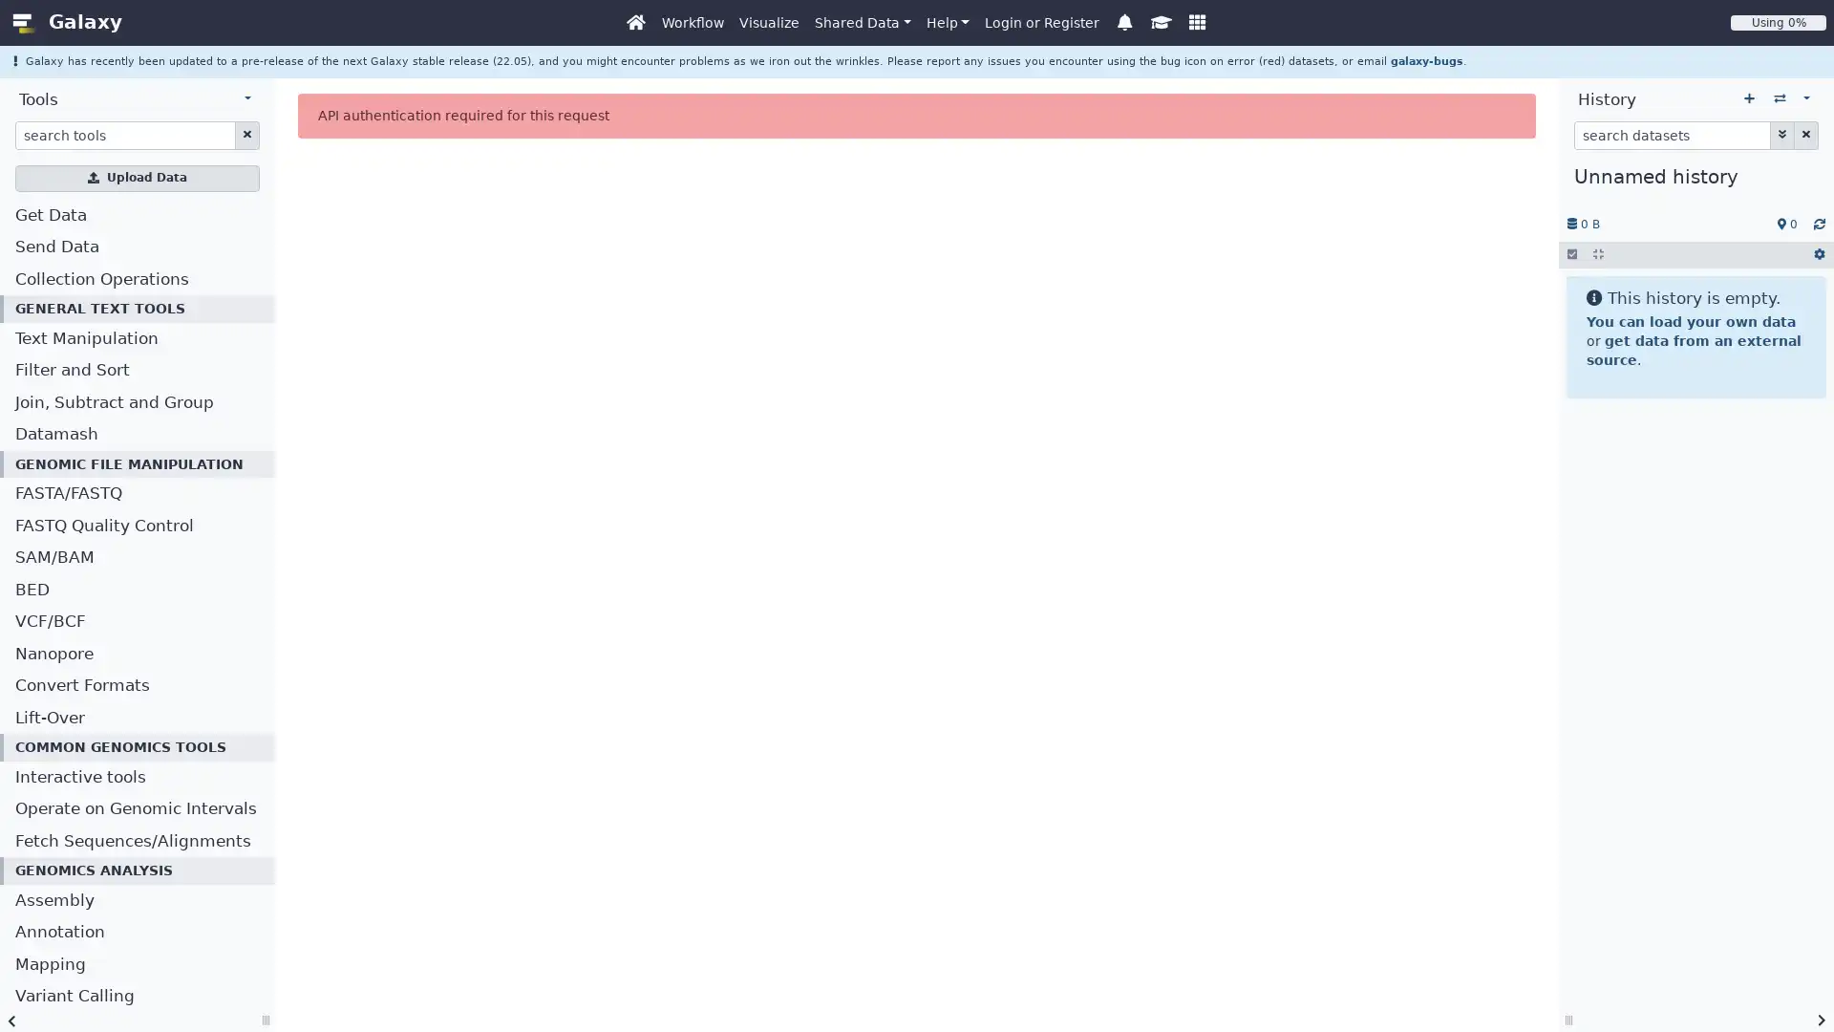  What do you see at coordinates (1778, 99) in the screenshot?
I see `Switch to history` at bounding box center [1778, 99].